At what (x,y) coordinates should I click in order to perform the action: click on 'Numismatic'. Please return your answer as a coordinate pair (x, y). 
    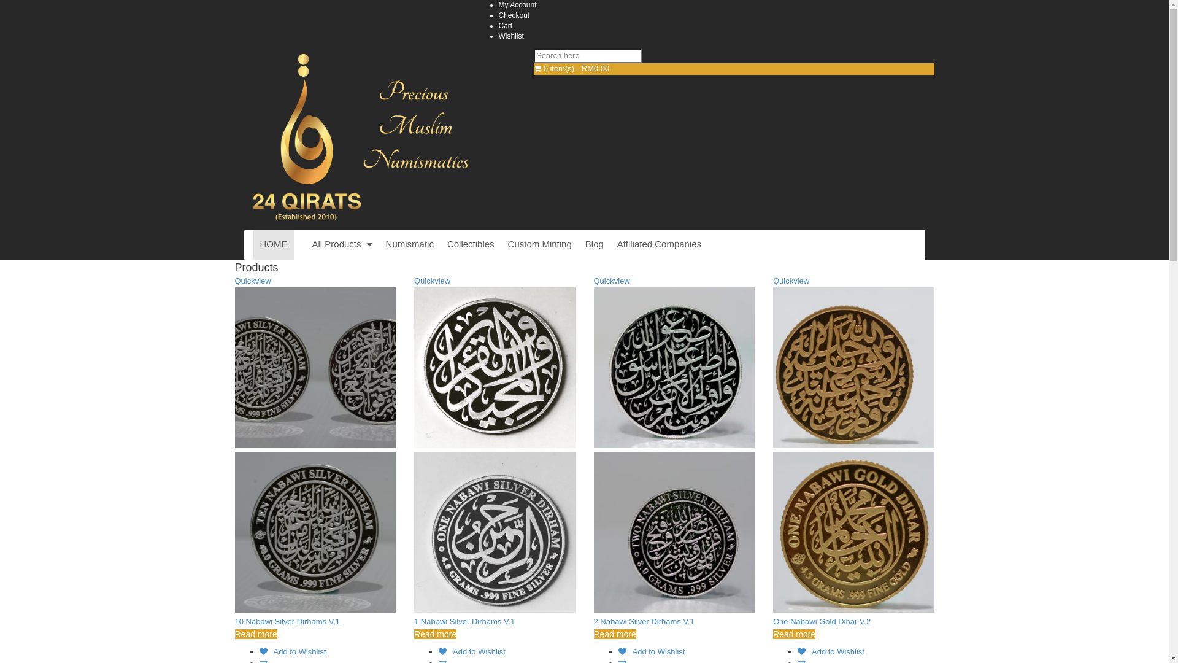
    Looking at the image, I should click on (409, 244).